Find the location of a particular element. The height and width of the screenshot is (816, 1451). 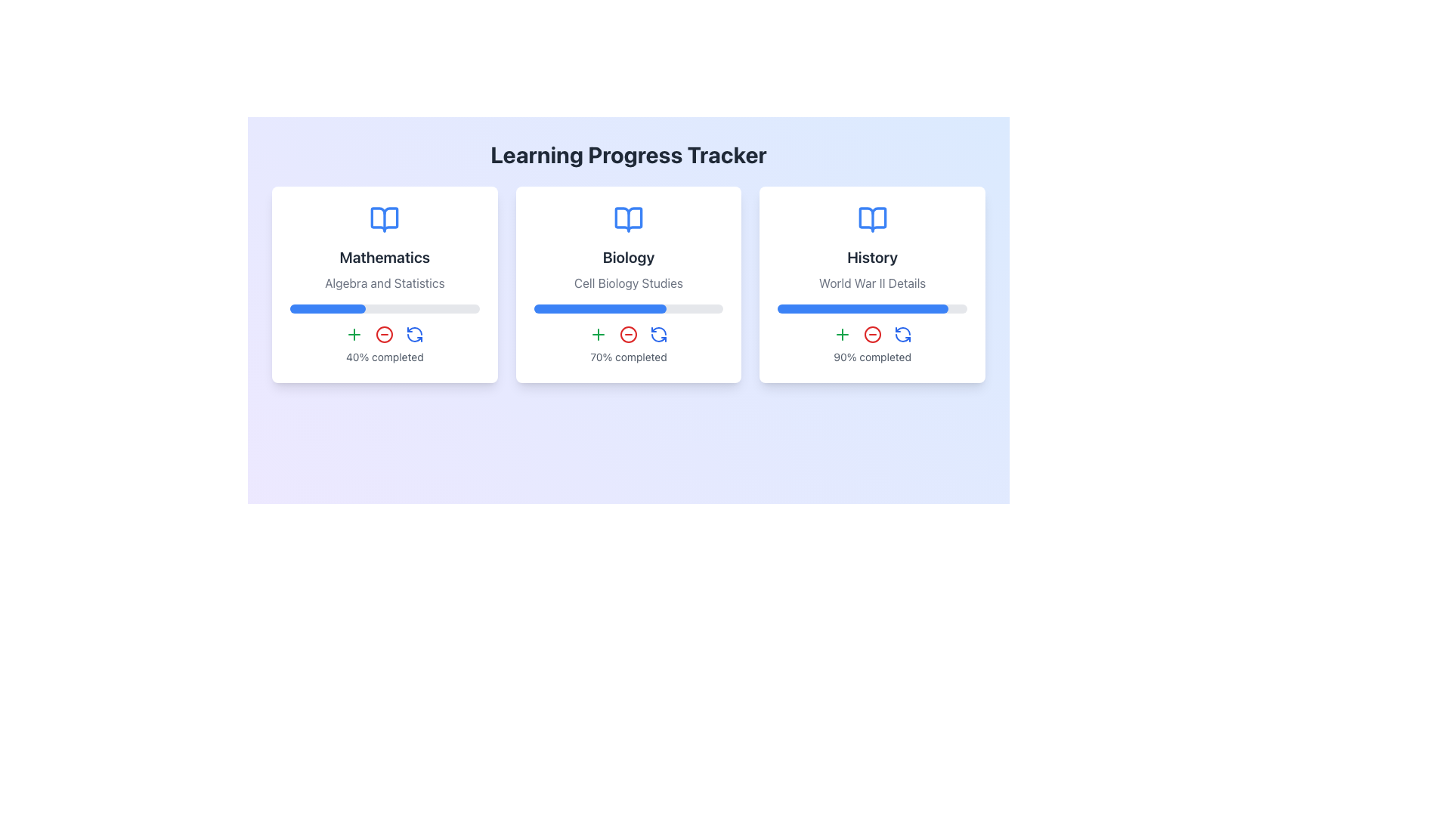

label displaying 'Learning Progress Tracker' which is a bold, large text centered at the top of the interface is located at coordinates (628, 154).